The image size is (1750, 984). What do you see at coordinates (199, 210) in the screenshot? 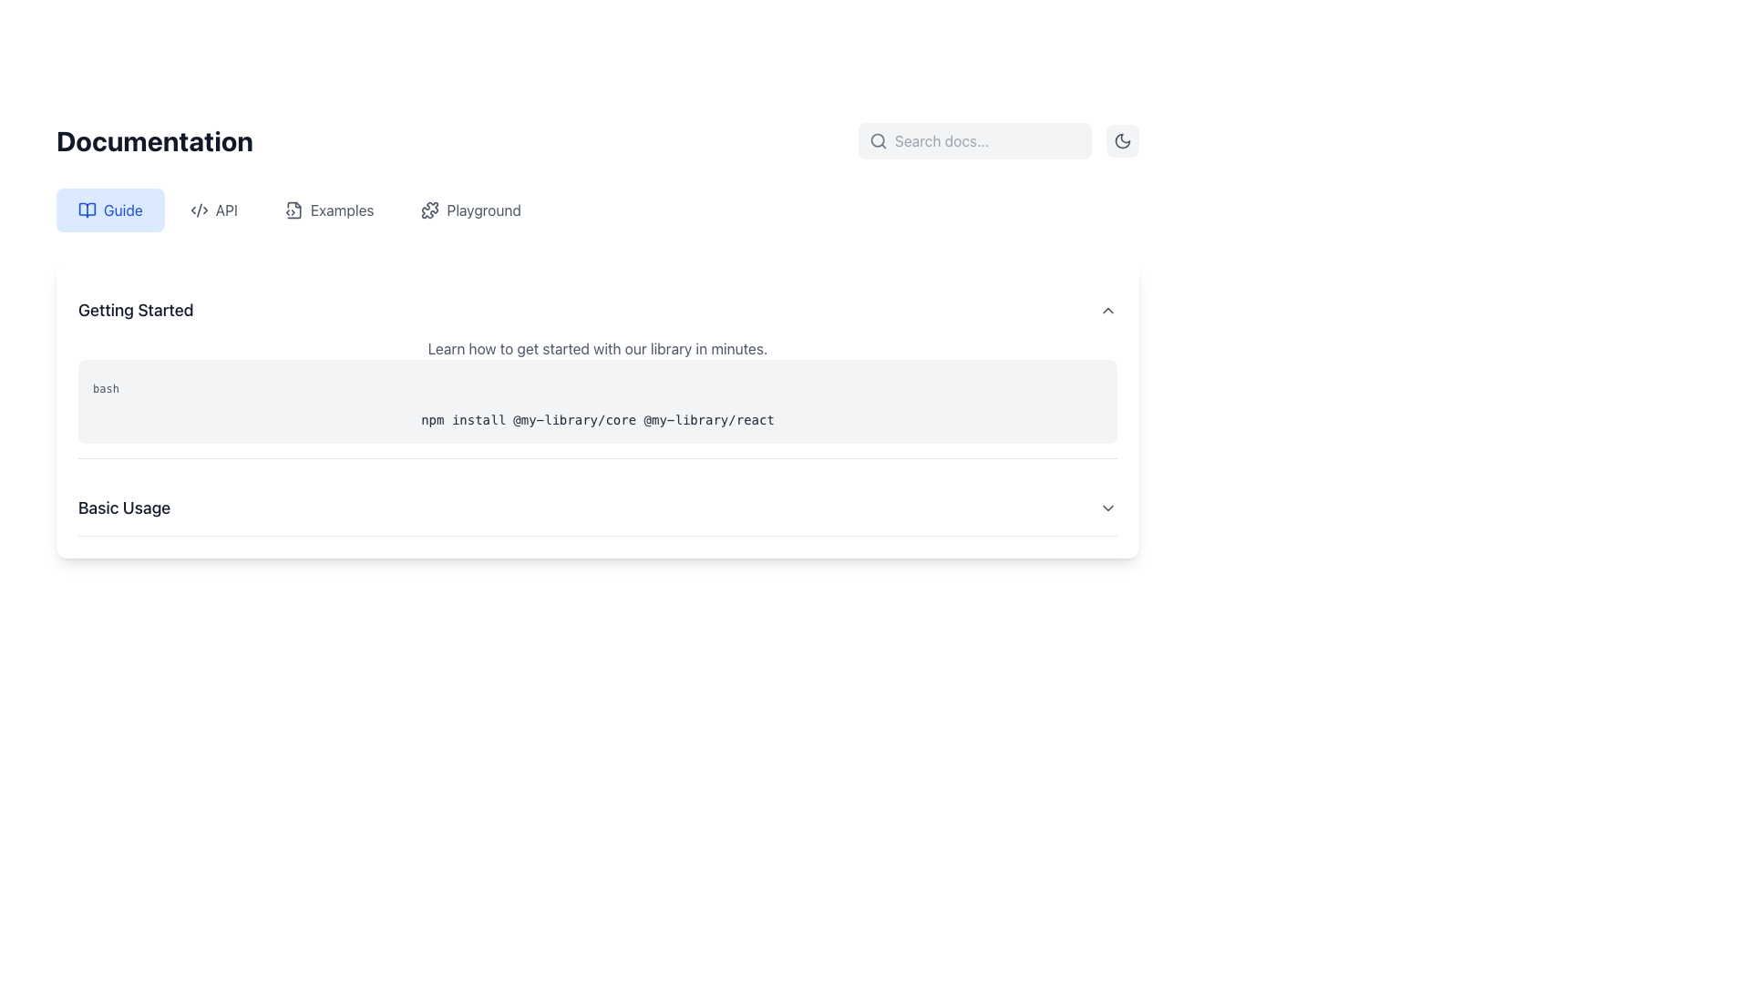
I see `the coding or programming-related icon that represents the 'API' section, located to the left of the text 'API' in the navigation menu at the top center of the interface` at bounding box center [199, 210].